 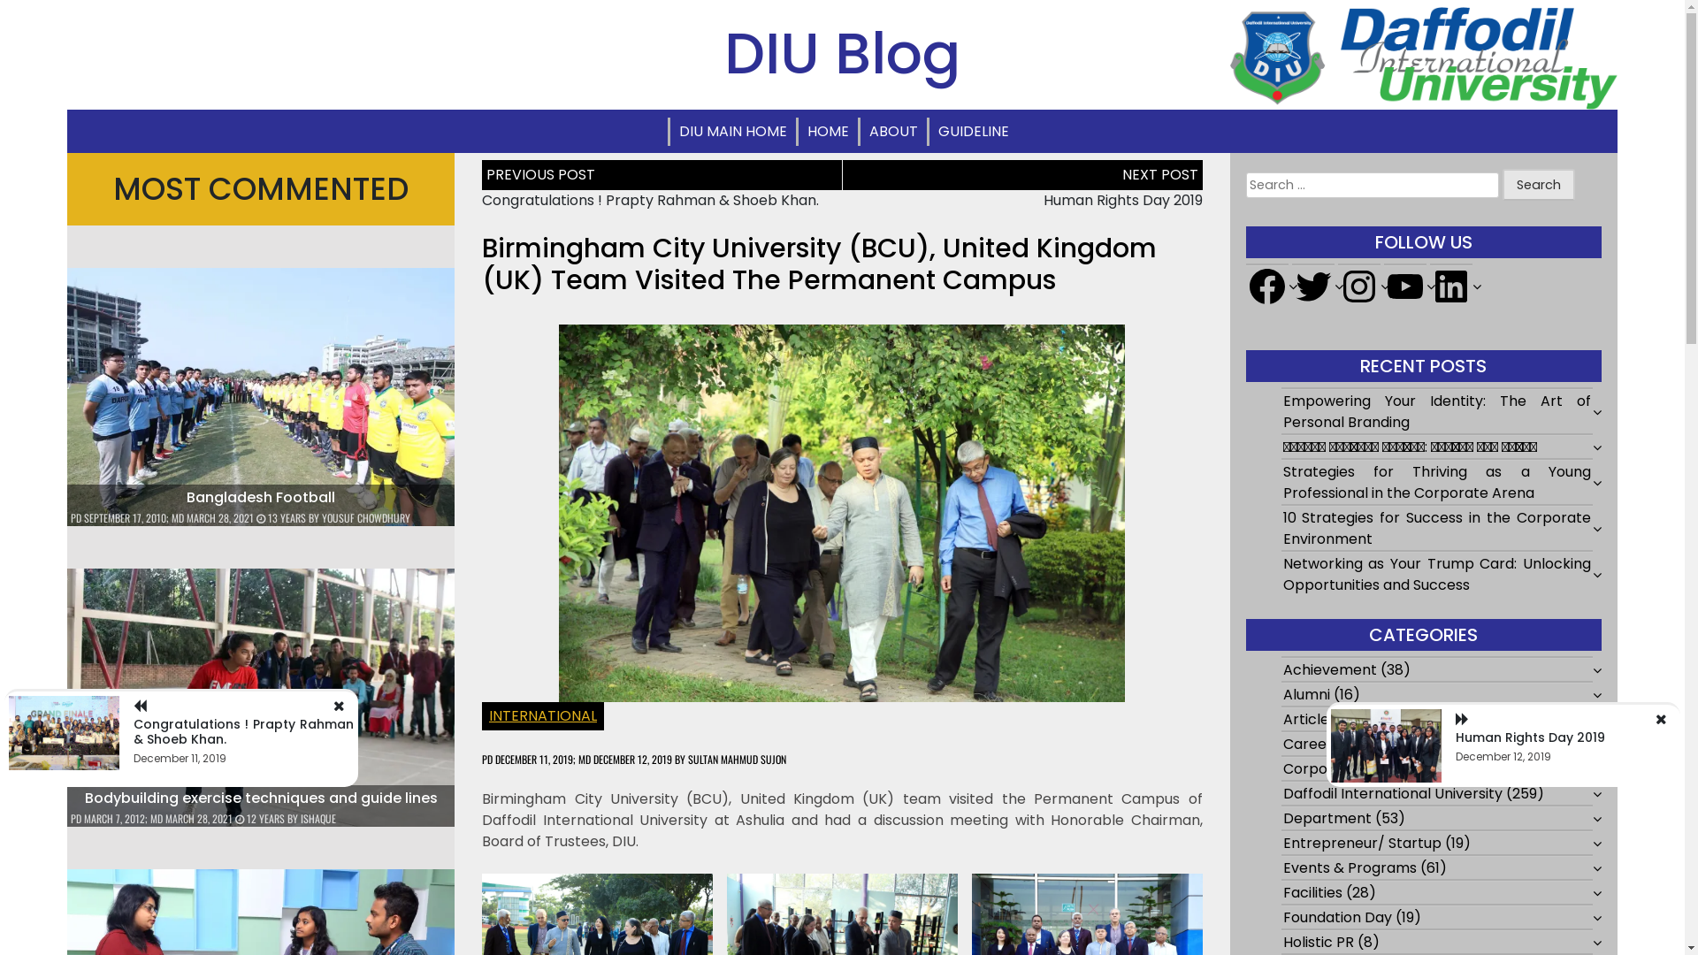 I want to click on 'Foundation Day', so click(x=1337, y=916).